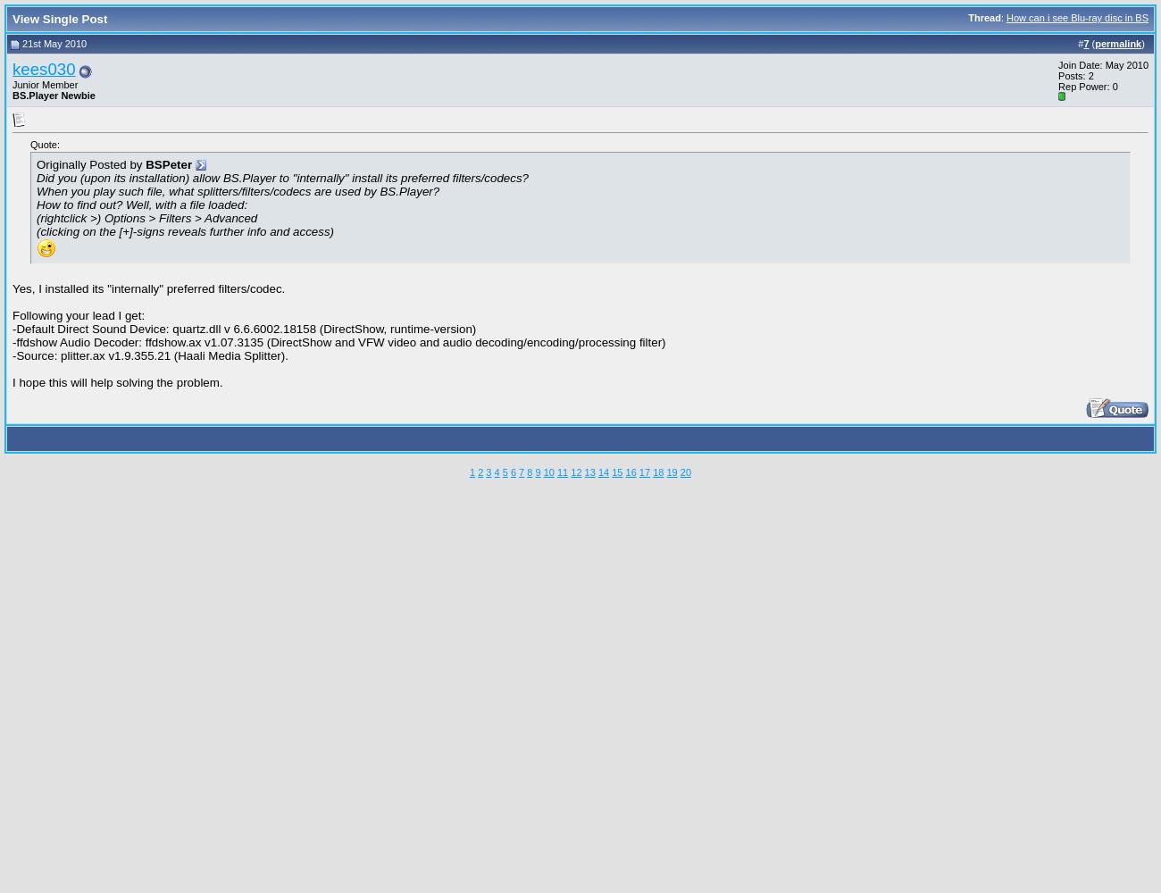  I want to click on '3', so click(485, 472).